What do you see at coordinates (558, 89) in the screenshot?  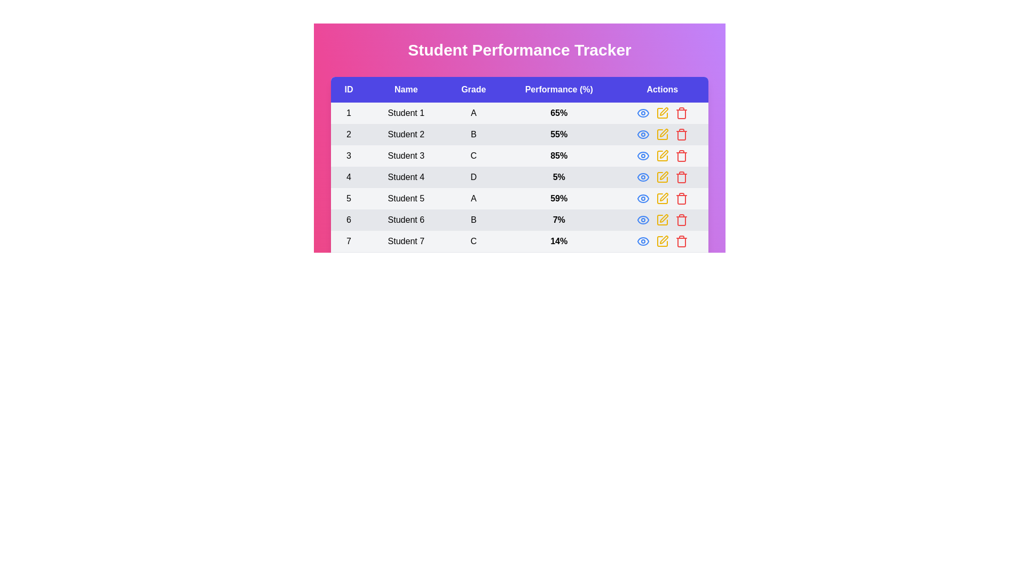 I see `the column header Performance (%) to sort the rows by that column` at bounding box center [558, 89].